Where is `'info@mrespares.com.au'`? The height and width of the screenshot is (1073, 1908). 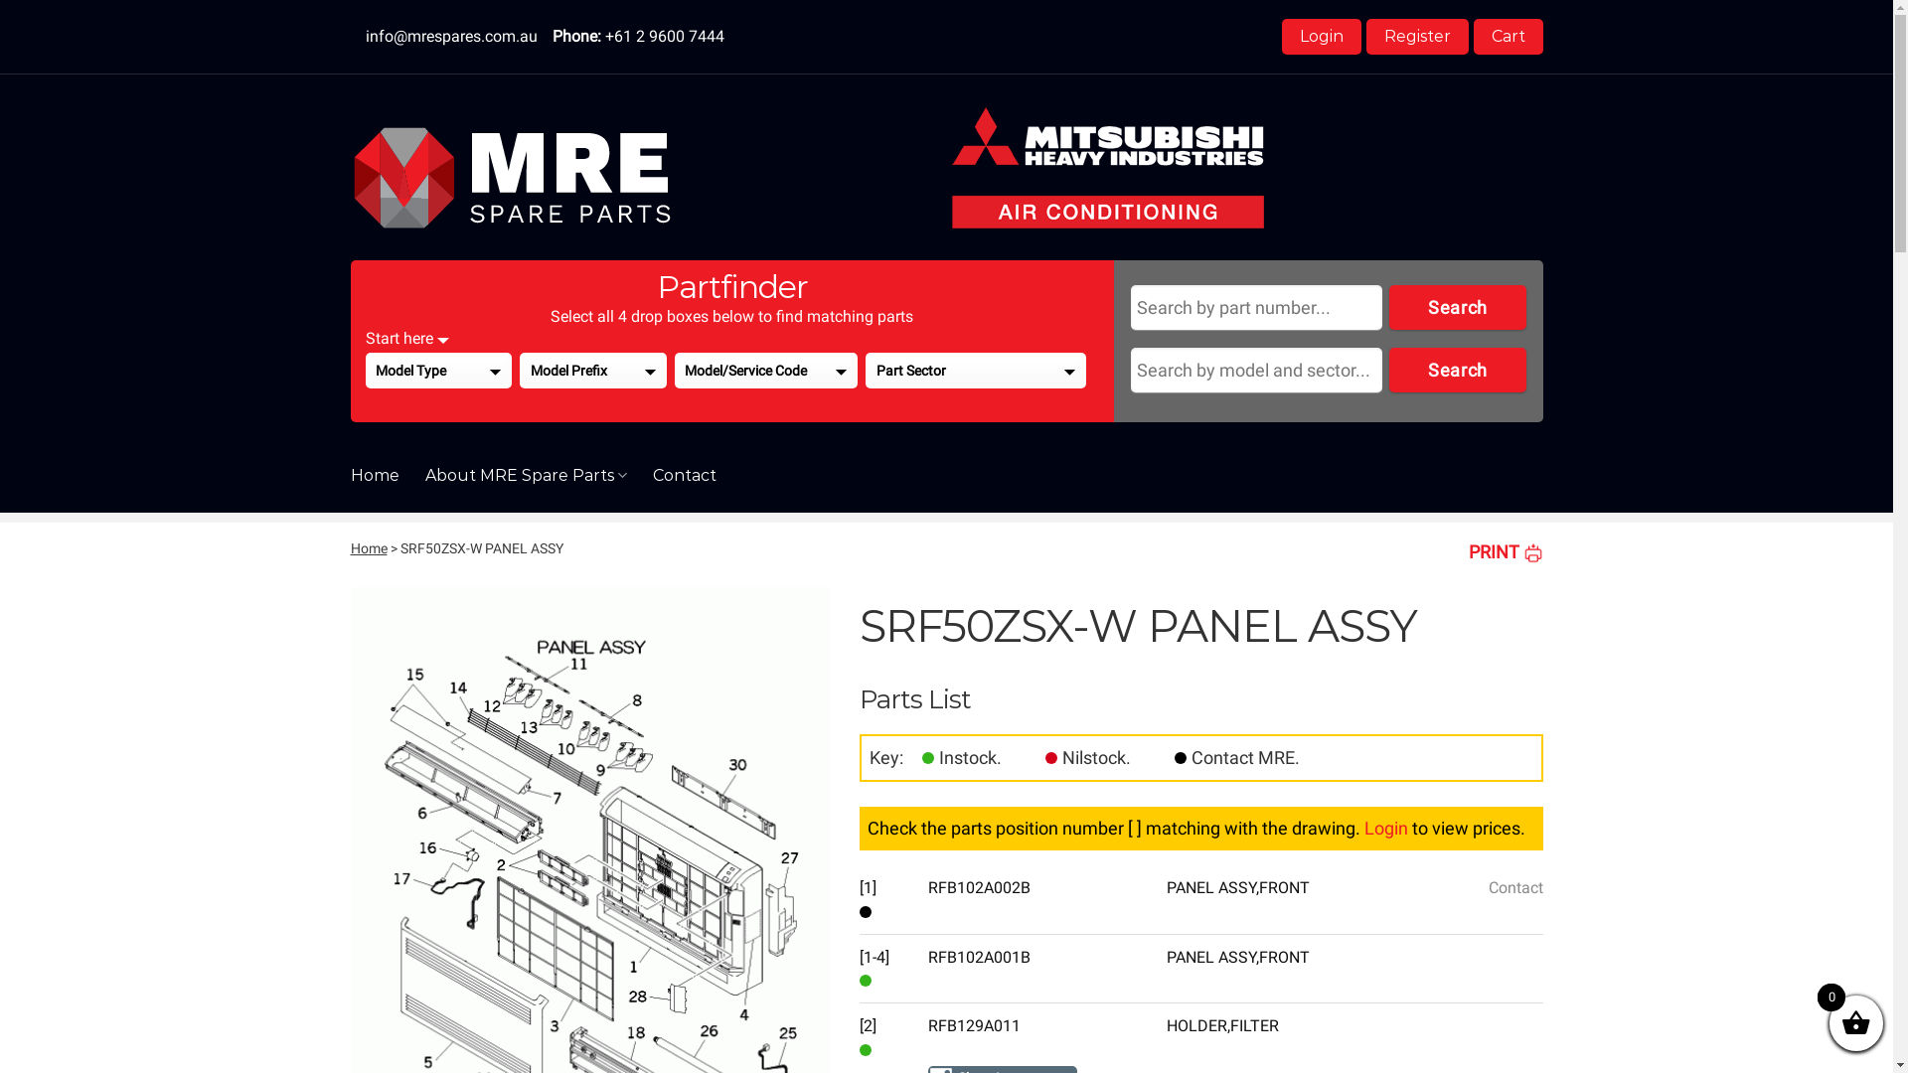 'info@mrespares.com.au' is located at coordinates (450, 36).